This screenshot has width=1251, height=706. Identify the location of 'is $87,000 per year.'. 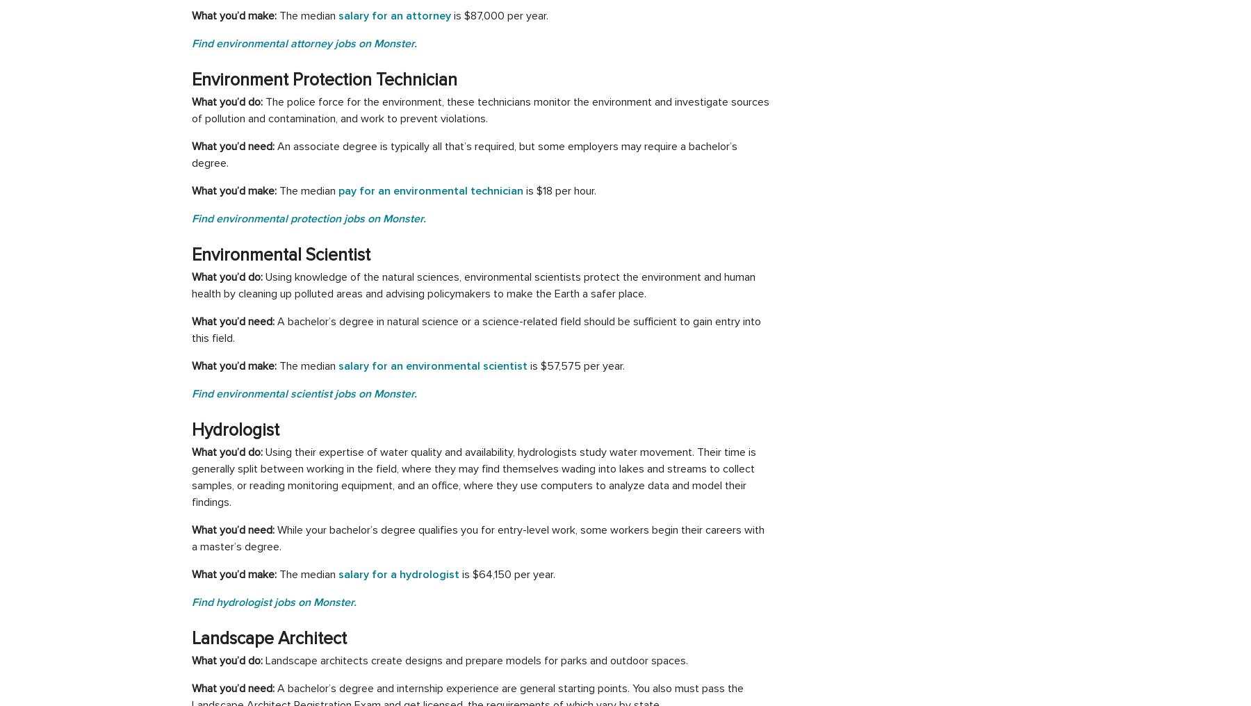
(498, 15).